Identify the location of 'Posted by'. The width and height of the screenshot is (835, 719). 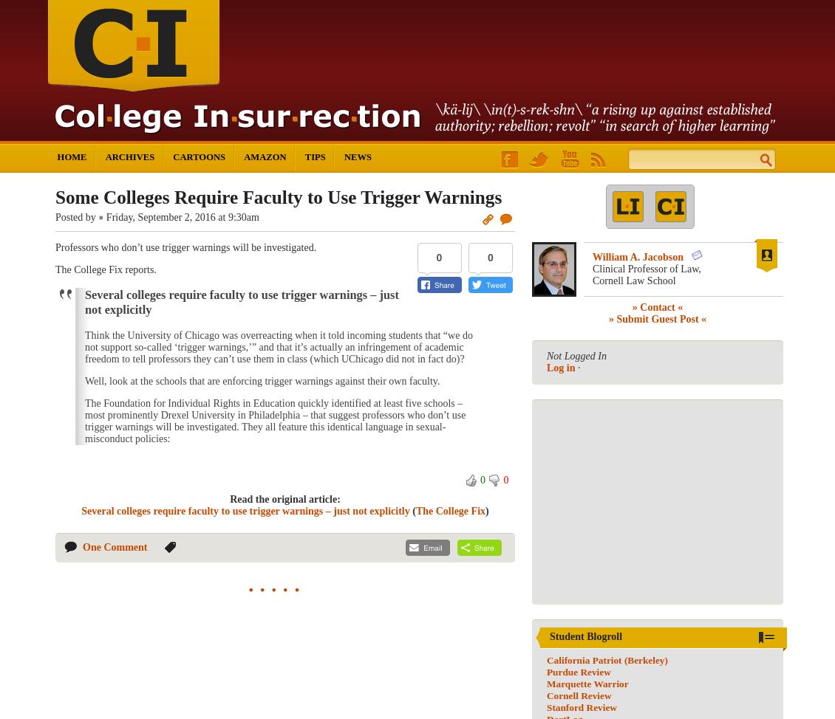
(55, 216).